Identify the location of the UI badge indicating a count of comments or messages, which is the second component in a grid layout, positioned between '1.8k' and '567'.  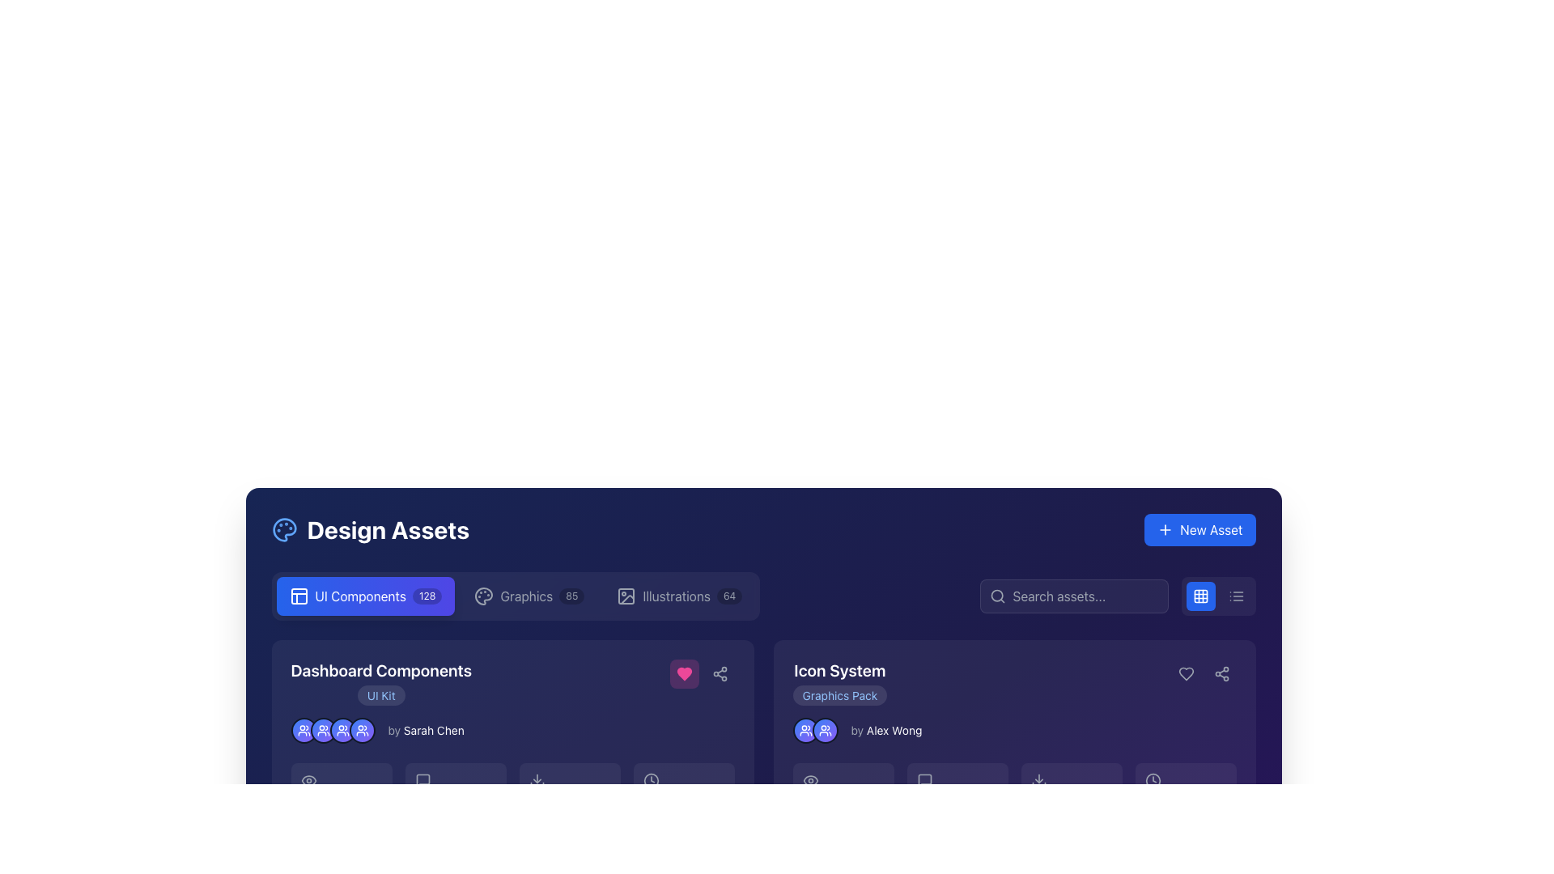
(957, 791).